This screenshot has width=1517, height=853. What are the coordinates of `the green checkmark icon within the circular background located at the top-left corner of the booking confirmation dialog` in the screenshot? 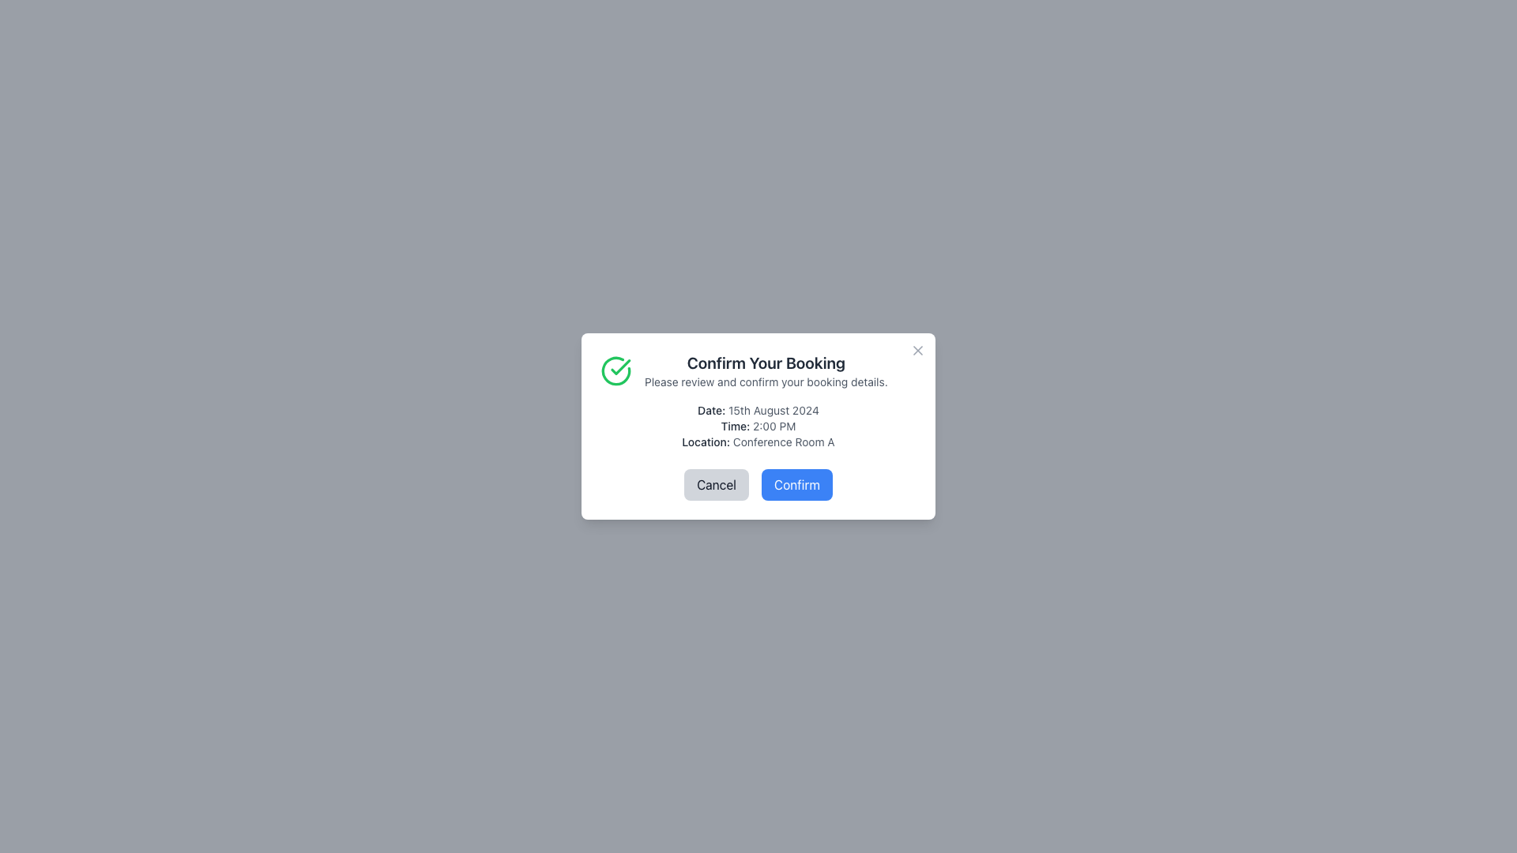 It's located at (619, 367).